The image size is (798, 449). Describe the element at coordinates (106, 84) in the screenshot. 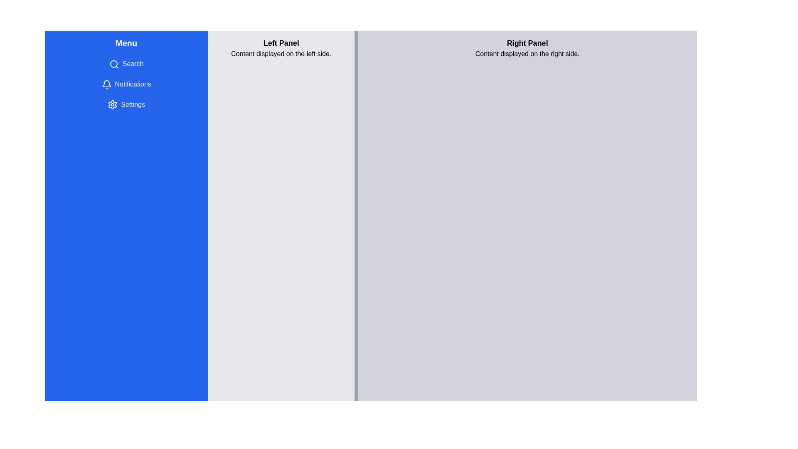

I see `the bell icon in the left sidebar menu to interact with the Notifications button` at that location.